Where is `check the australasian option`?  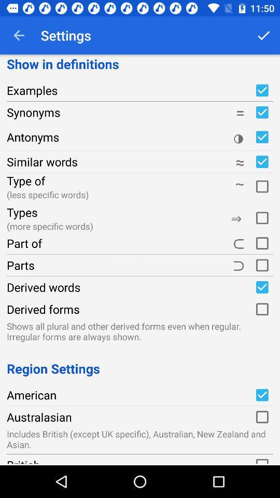
check the australasian option is located at coordinates (261, 417).